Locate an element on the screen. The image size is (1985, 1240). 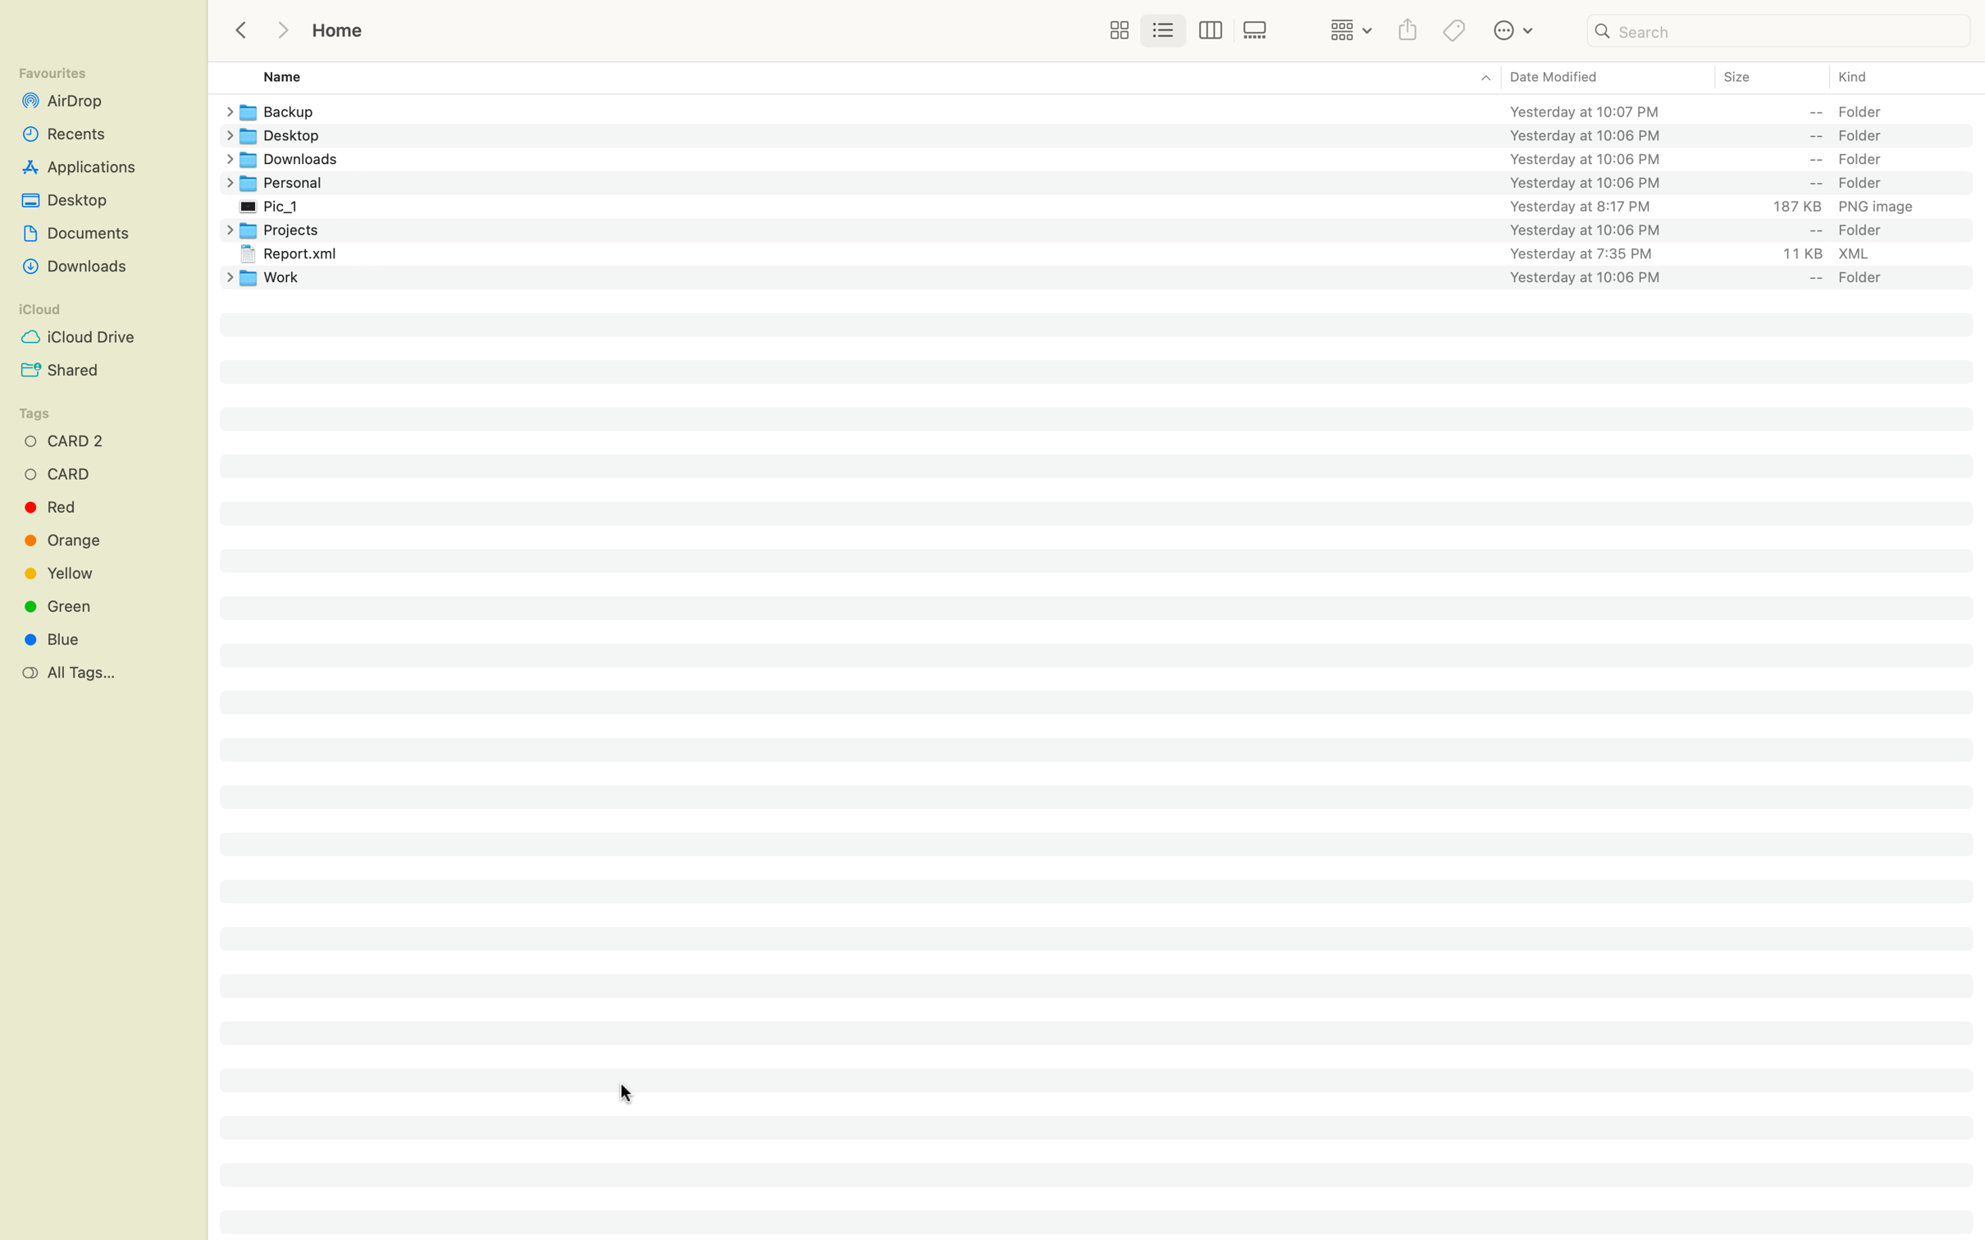
Go to the Downloads file location and backtrack to the last folder accessed is located at coordinates (1111, 157).